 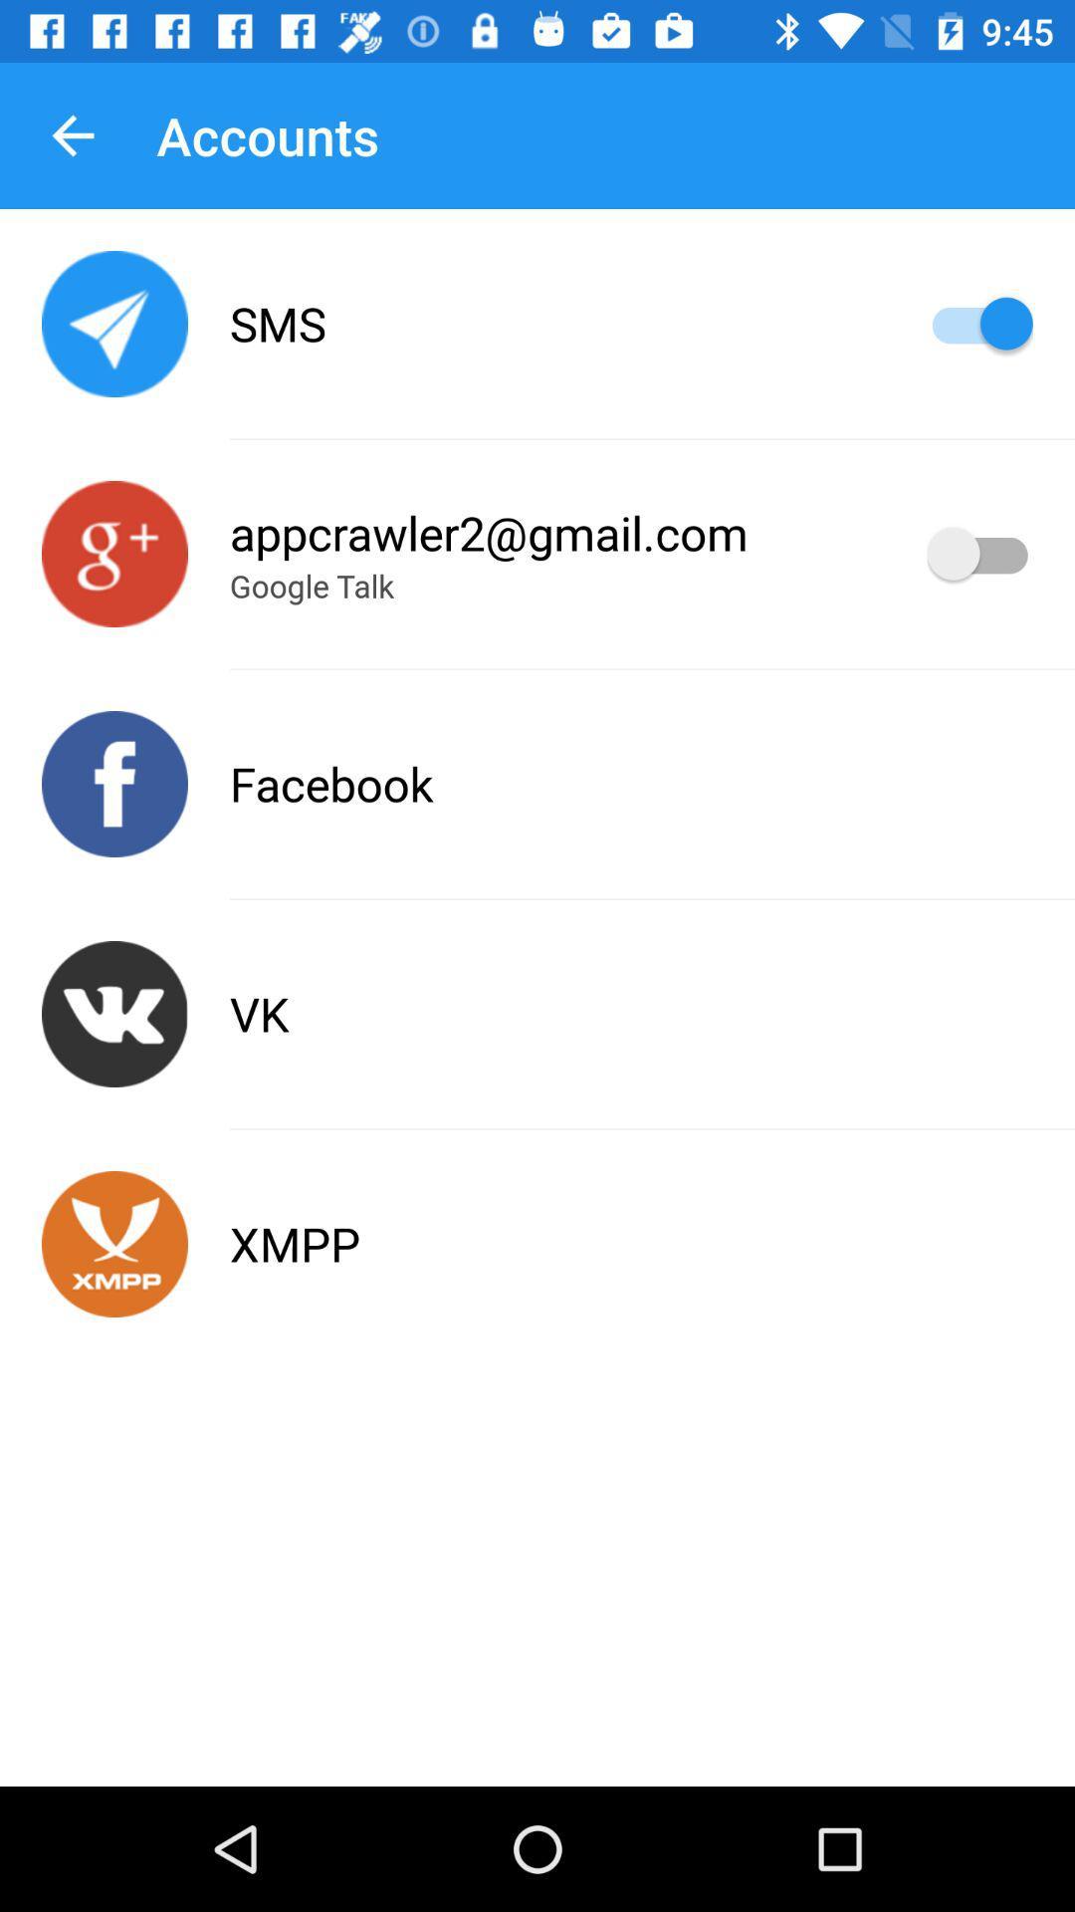 I want to click on app icon, so click(x=114, y=1243).